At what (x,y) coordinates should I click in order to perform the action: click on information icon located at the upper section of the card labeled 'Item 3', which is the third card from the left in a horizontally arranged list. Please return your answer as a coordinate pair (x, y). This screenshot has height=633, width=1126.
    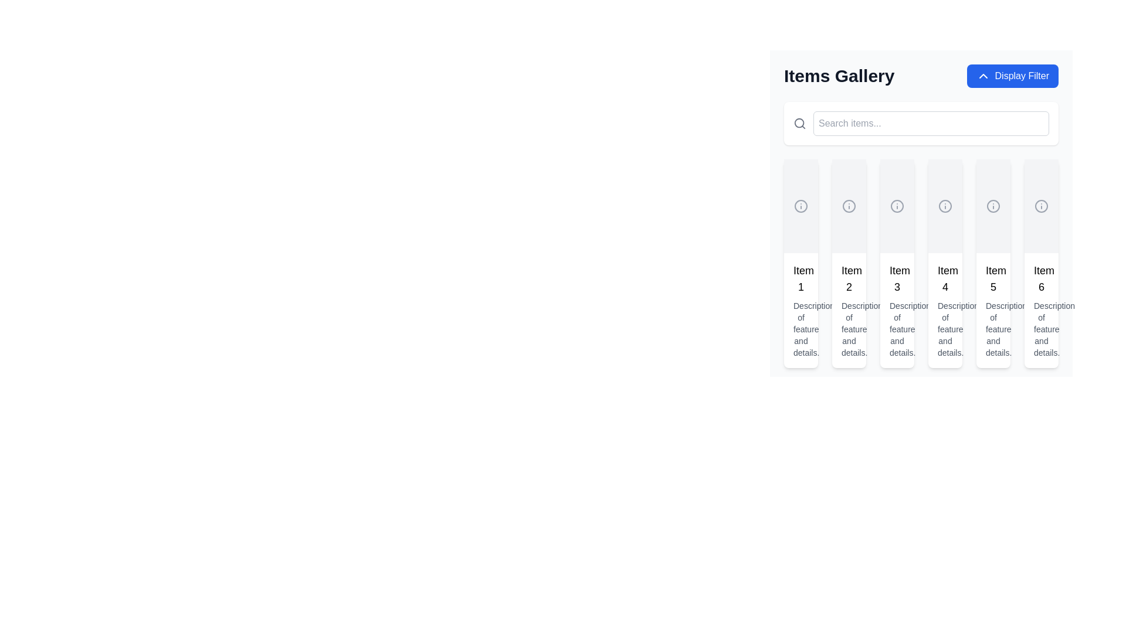
    Looking at the image, I should click on (897, 205).